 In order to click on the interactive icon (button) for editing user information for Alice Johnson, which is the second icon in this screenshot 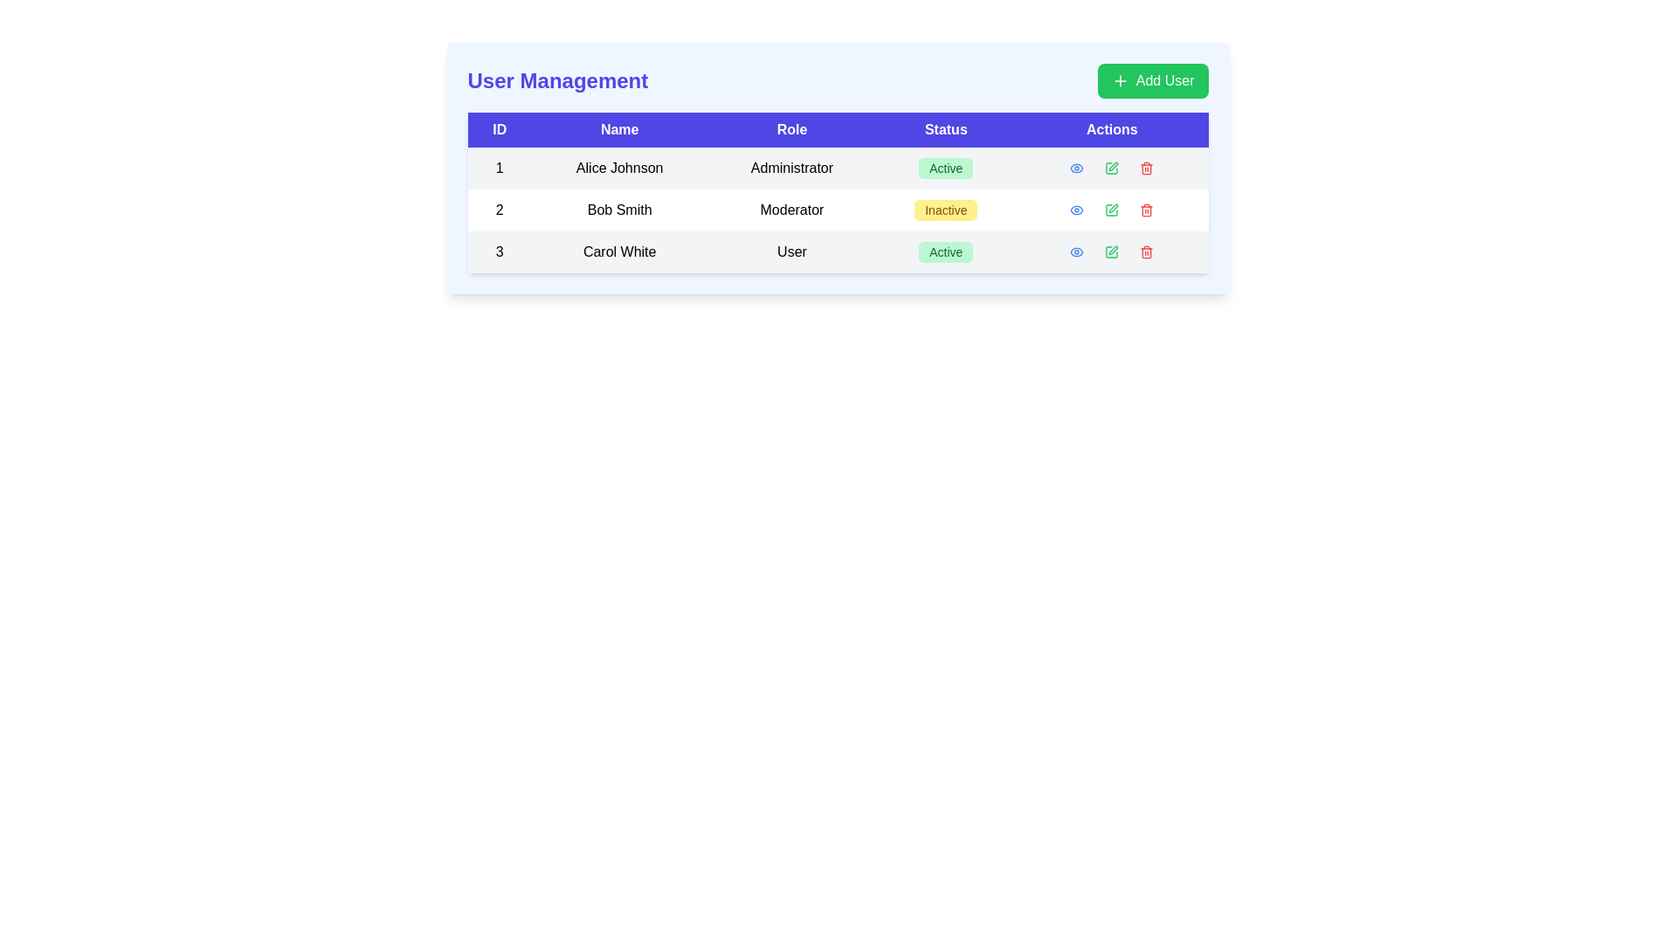, I will do `click(1110, 168)`.